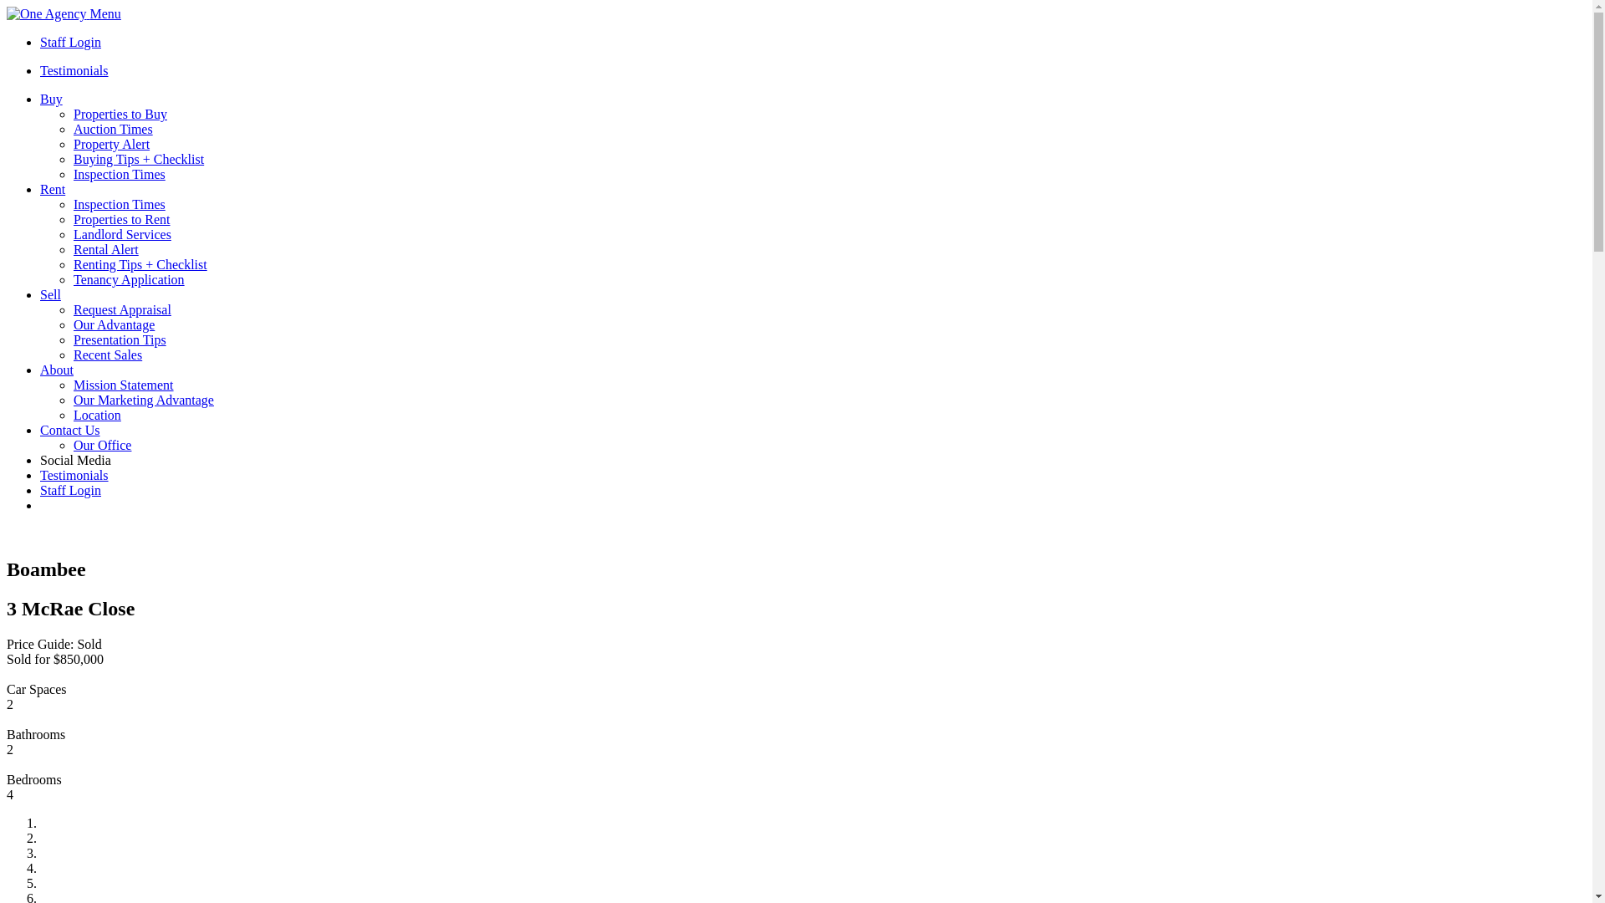 The image size is (1605, 903). Describe the element at coordinates (101, 444) in the screenshot. I see `'Our Office'` at that location.